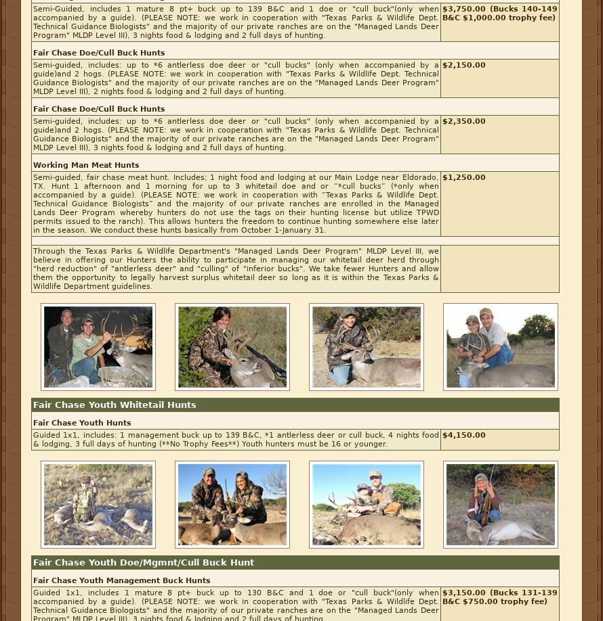  Describe the element at coordinates (115, 404) in the screenshot. I see `'Fair Chase Youth Whitetail Hunts'` at that location.